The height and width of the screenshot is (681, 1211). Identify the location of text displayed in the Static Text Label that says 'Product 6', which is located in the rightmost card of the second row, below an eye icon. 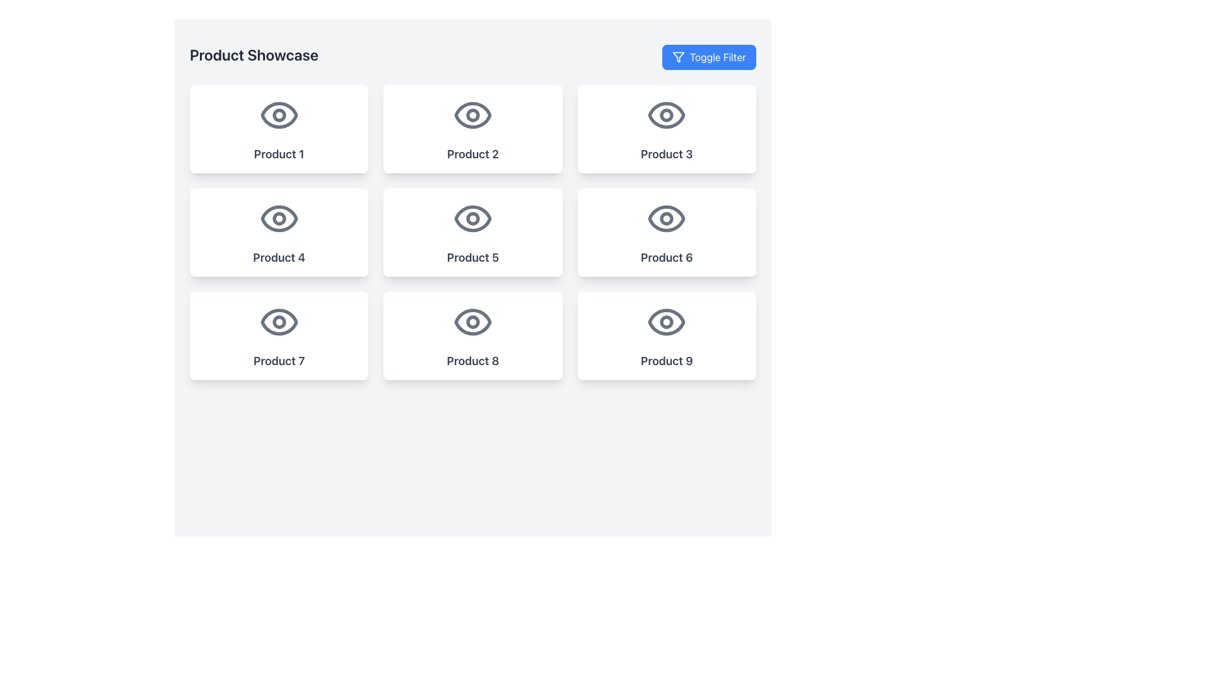
(666, 257).